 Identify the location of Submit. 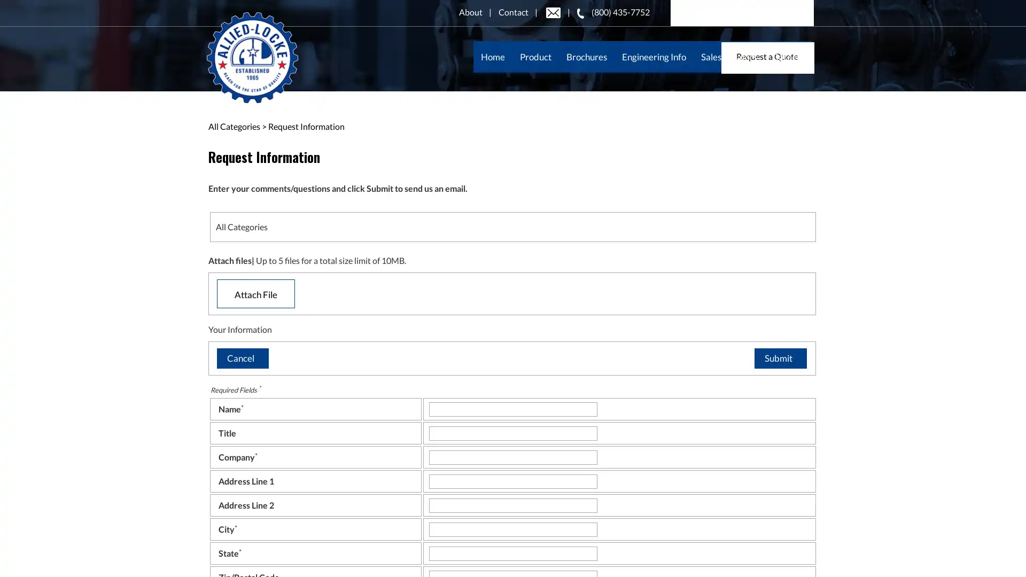
(780, 358).